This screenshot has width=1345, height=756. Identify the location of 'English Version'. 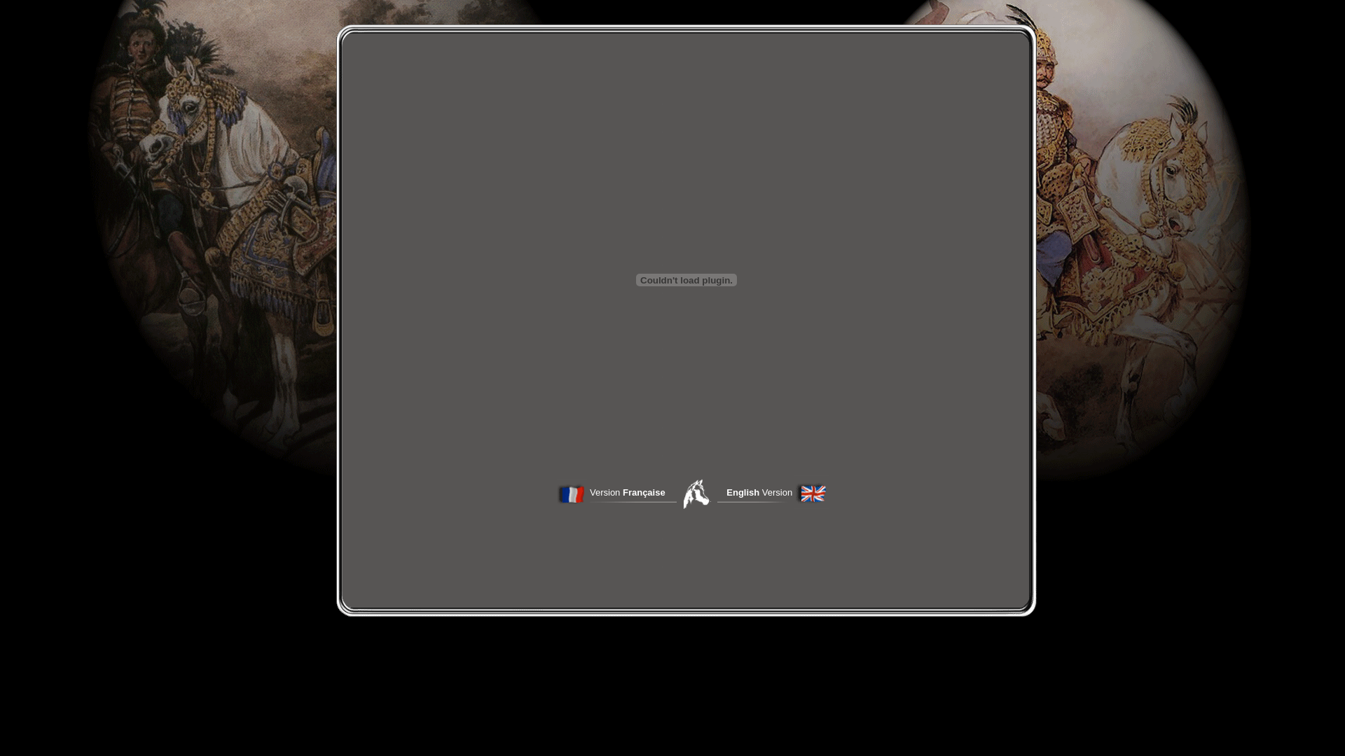
(759, 491).